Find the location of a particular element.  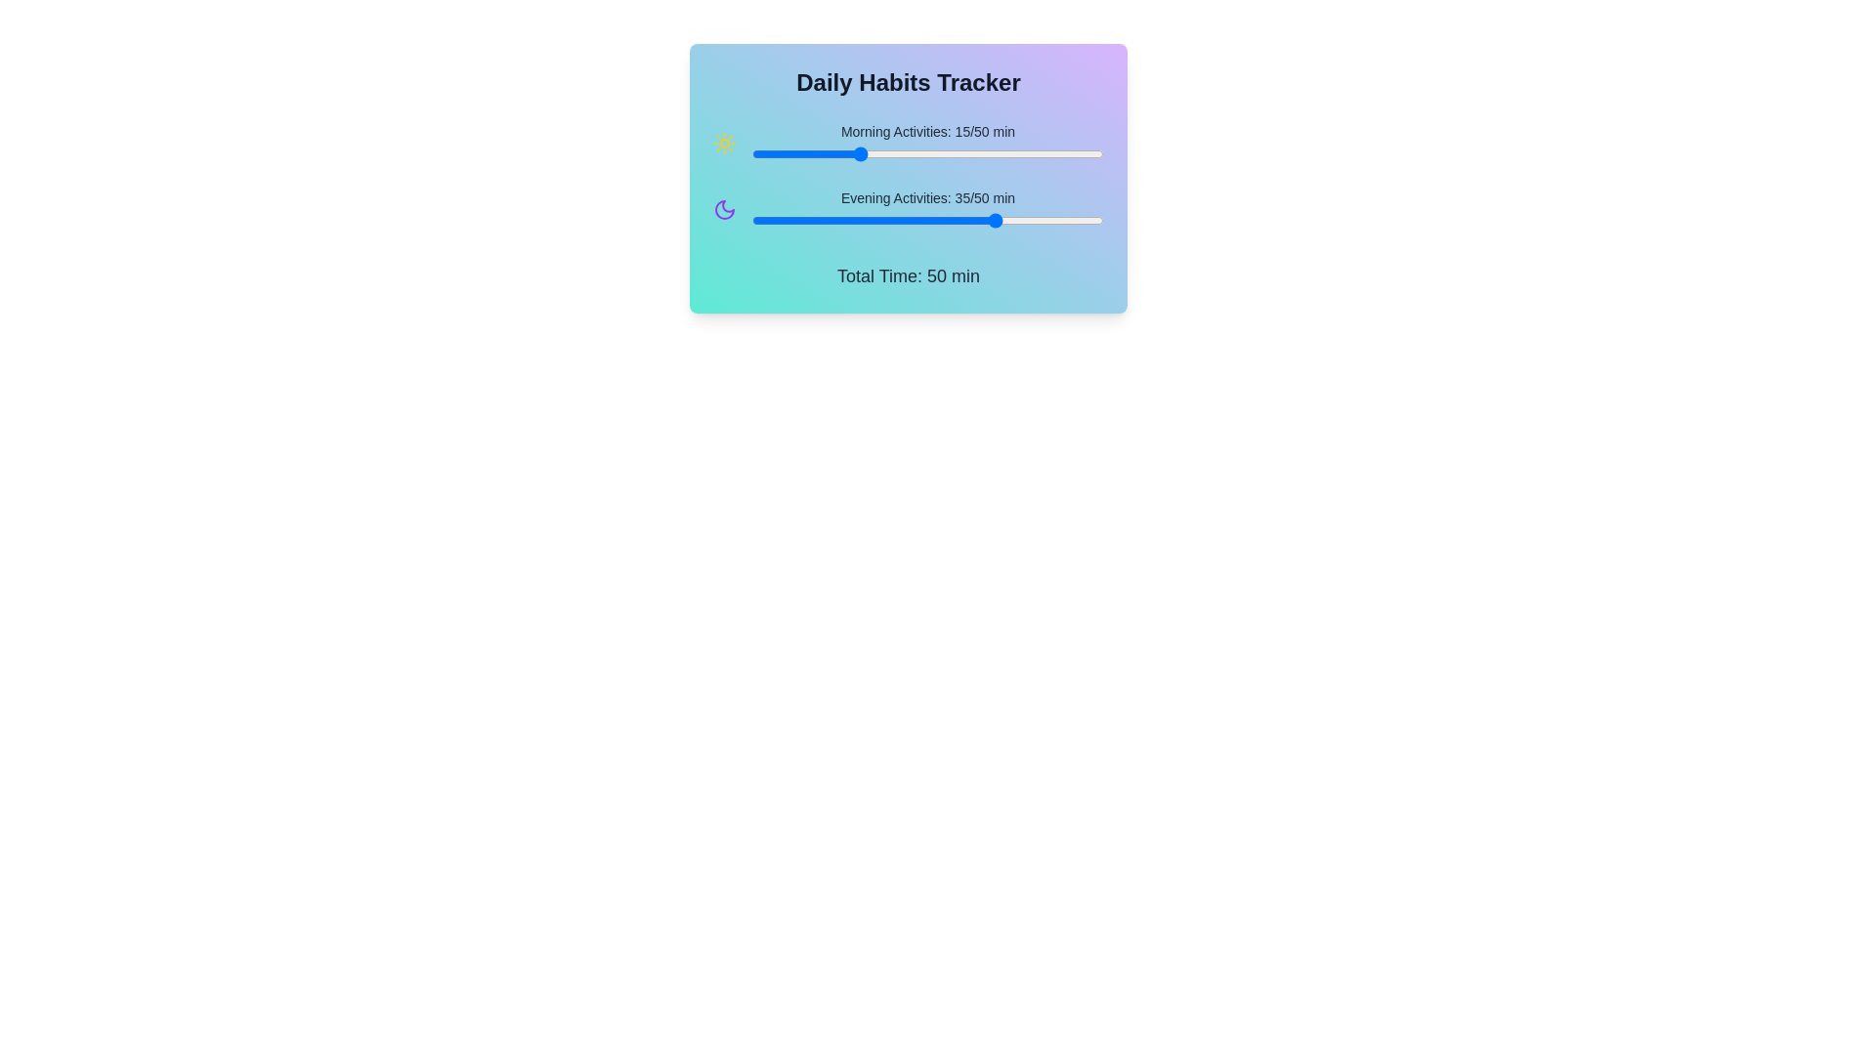

the knob of the horizontal slider widget, located below 'Morning Activities: 15/50 min' is located at coordinates (927, 153).